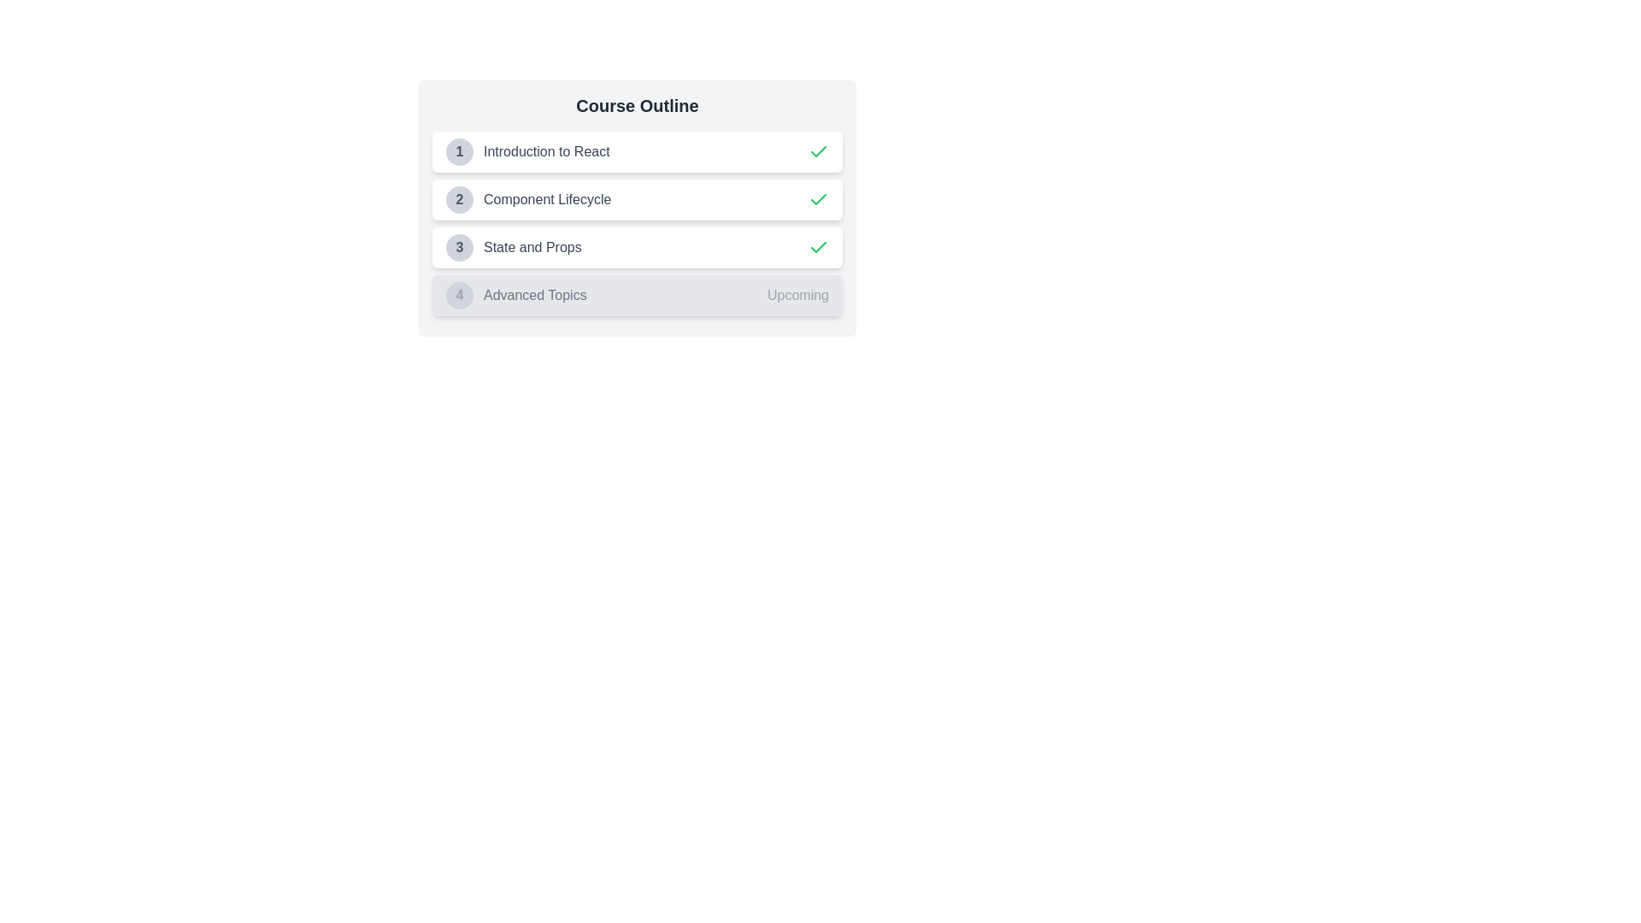 Image resolution: width=1641 pixels, height=923 pixels. What do you see at coordinates (547, 199) in the screenshot?
I see `the 'Component Lifecycle' text label in the 'Course Outline' section, which is the second item in a vertical list` at bounding box center [547, 199].